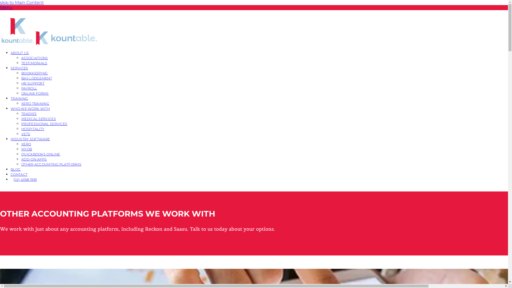  What do you see at coordinates (35, 93) in the screenshot?
I see `'ONLINE FORMS'` at bounding box center [35, 93].